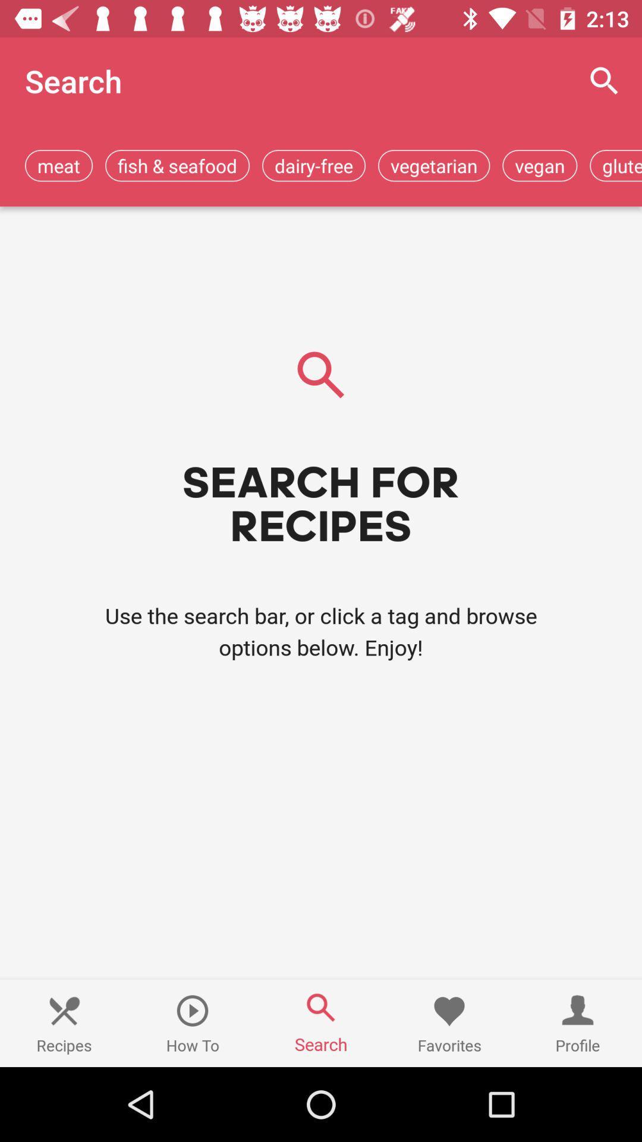 This screenshot has height=1142, width=642. I want to click on icon next to the meat app, so click(177, 165).